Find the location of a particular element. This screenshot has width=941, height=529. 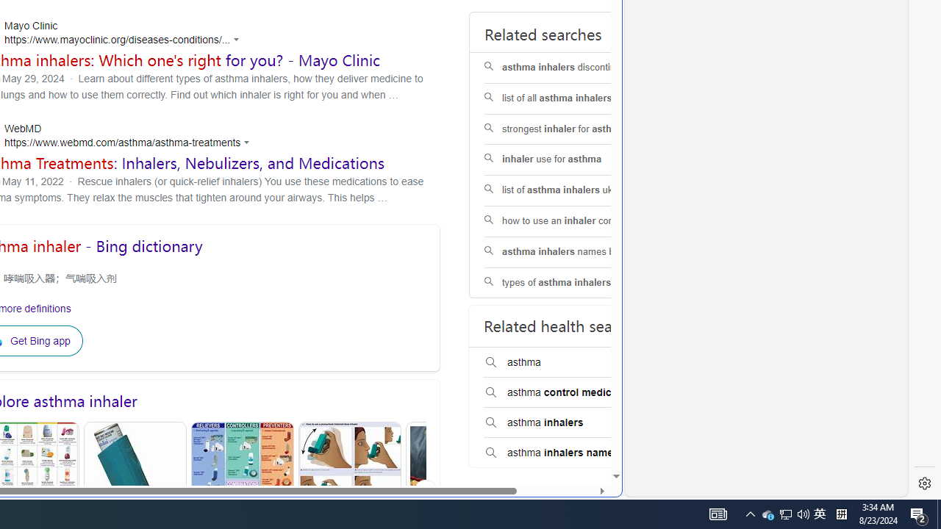

'list of all asthma inhalers' is located at coordinates (576, 98).